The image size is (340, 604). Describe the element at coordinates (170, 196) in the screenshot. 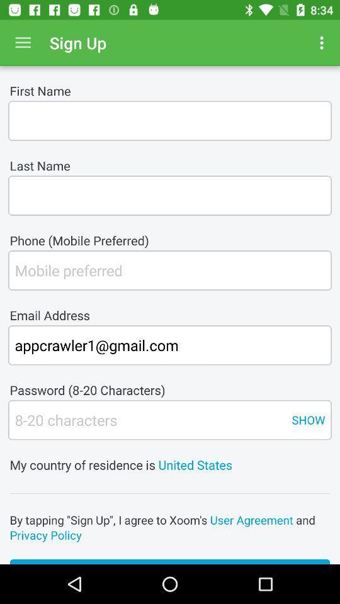

I see `the icon last name` at that location.